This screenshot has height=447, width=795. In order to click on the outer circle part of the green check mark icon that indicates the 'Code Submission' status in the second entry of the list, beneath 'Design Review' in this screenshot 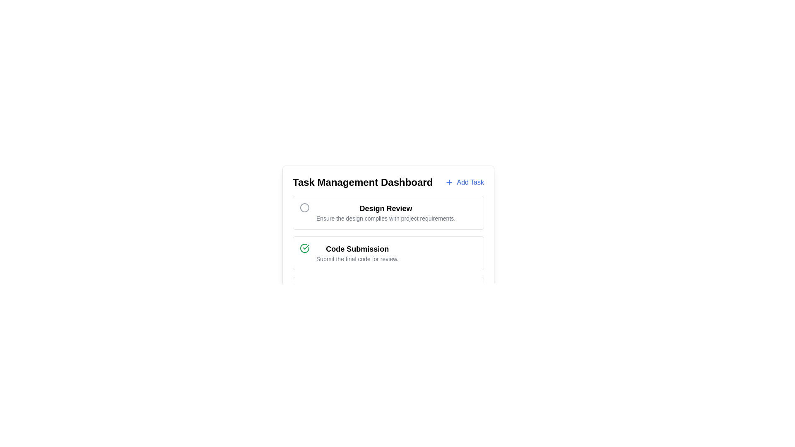, I will do `click(304, 248)`.